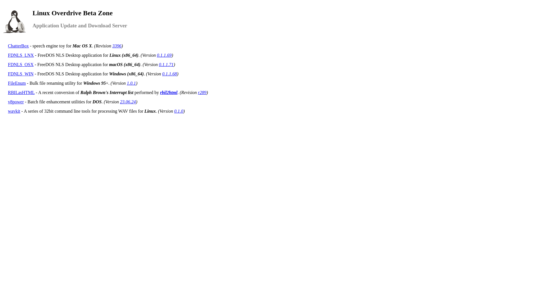  What do you see at coordinates (17, 83) in the screenshot?
I see `'FileEnum'` at bounding box center [17, 83].